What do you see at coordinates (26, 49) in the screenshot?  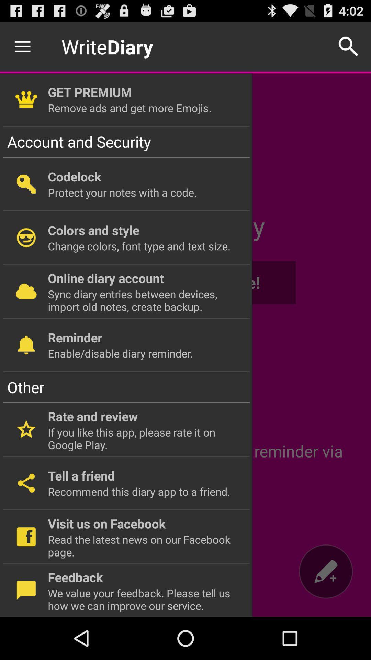 I see `the menu icon` at bounding box center [26, 49].